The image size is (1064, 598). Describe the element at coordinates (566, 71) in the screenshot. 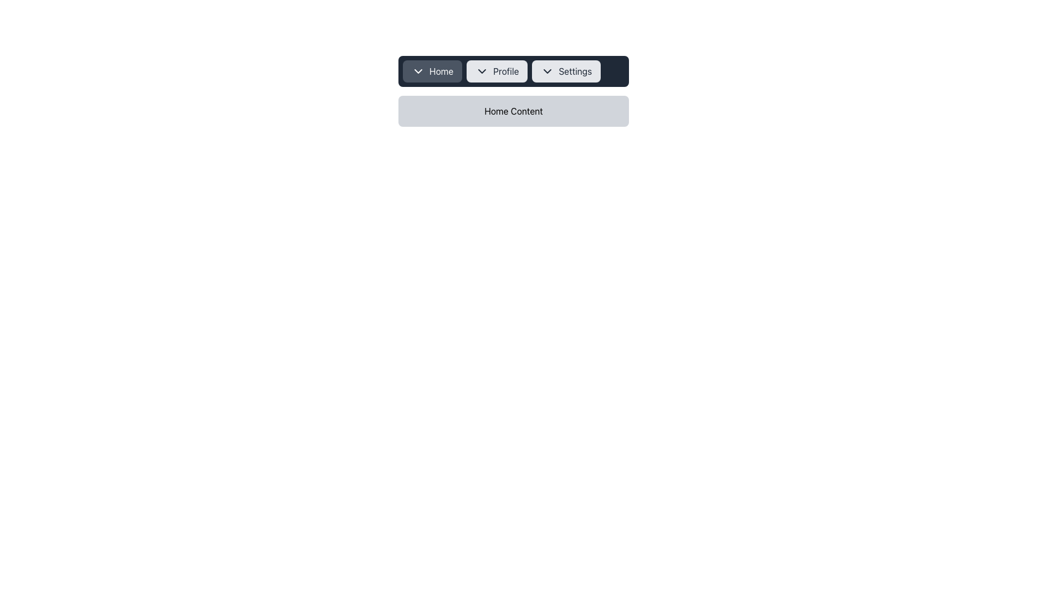

I see `the 'Settings' navigation button` at that location.